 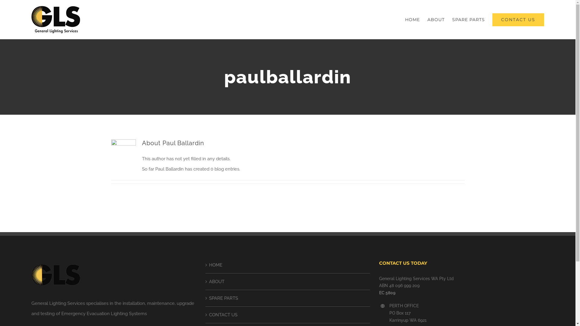 I want to click on 'CONTACT US', so click(x=518, y=19).